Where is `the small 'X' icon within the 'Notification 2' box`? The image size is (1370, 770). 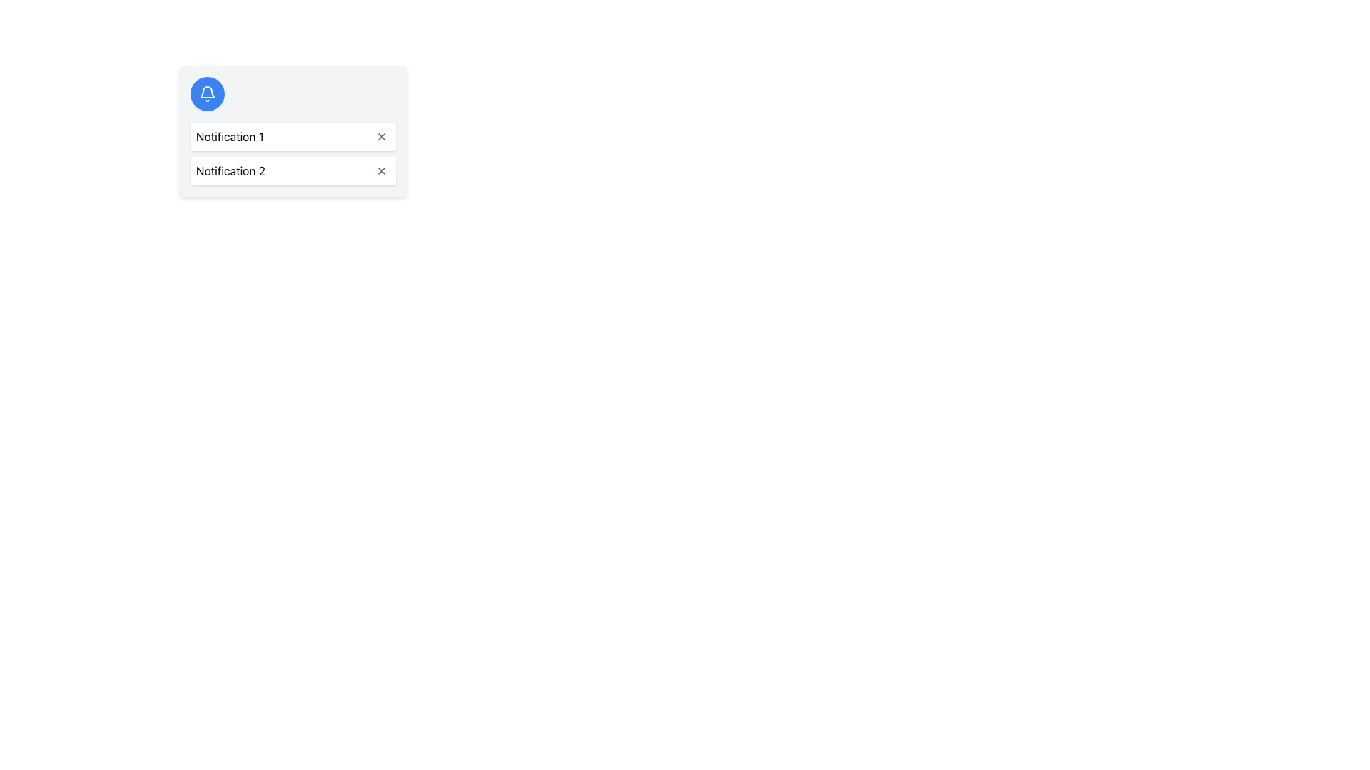 the small 'X' icon within the 'Notification 2' box is located at coordinates (381, 170).